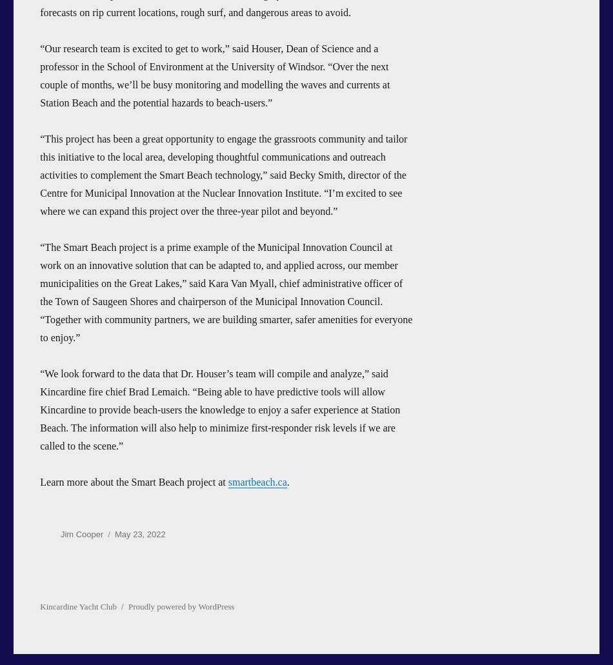 The image size is (613, 665). What do you see at coordinates (219, 409) in the screenshot?
I see `'“We look forward to the data that Dr. Houser’s team will compile and analyze,” said Kincardine fire chief Brad Lemaich. “Being able to have predictive tools will allow Kincardine to provide beach-users the knowledge to enjoy a safer experience at Station Beach. The information will also help to minimize first-responder risk levels if we are called to the scene.”'` at bounding box center [219, 409].